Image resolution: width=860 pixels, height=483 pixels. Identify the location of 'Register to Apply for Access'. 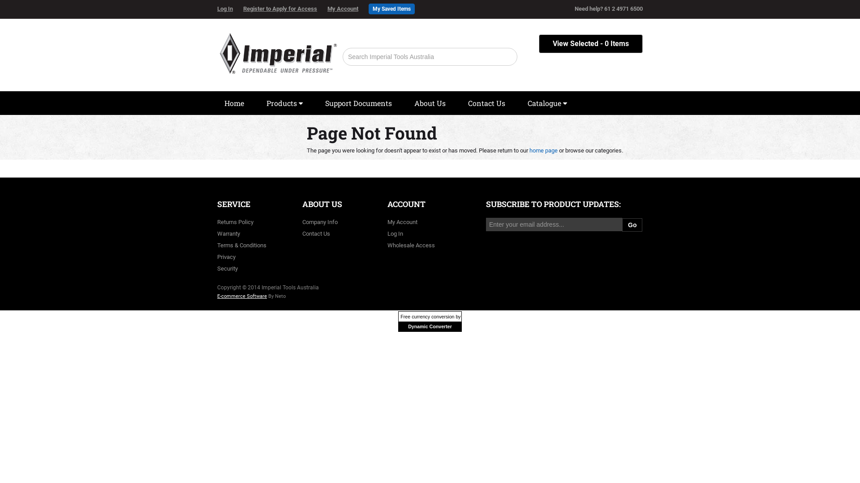
(284, 8).